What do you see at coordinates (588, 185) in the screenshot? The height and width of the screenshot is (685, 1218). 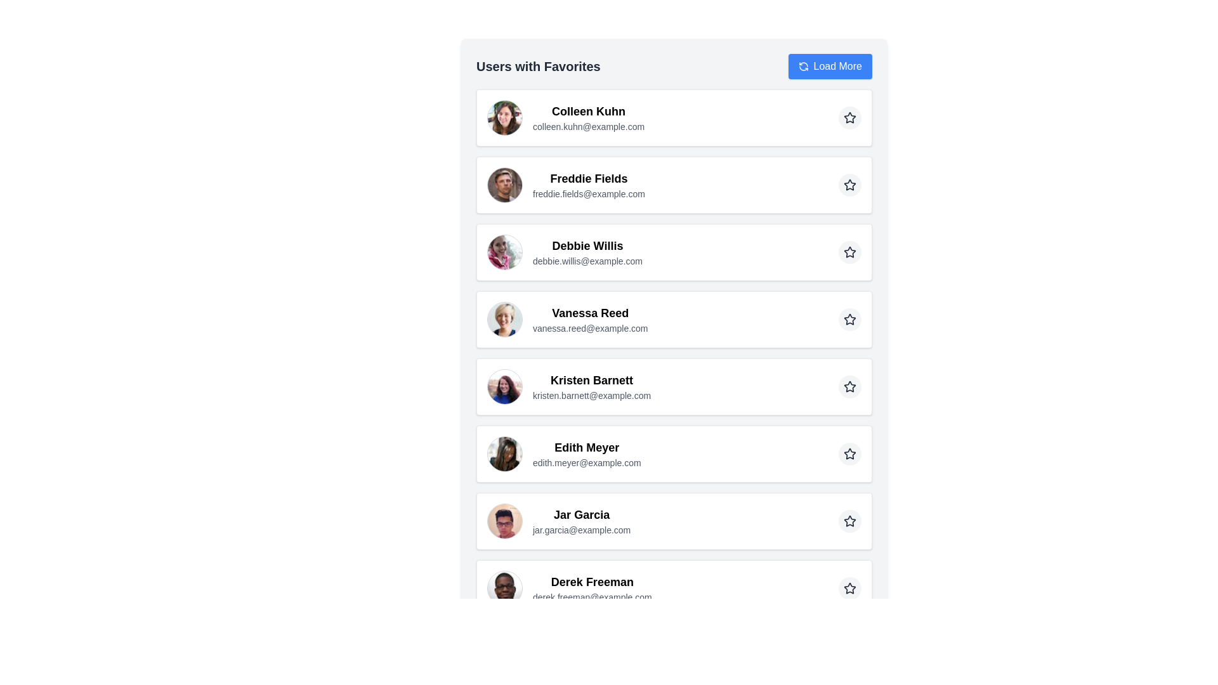 I see `text content displayed for the user Freddie Fields, which includes their name and email address, presented in a styled text format within the 'Users with Favorites' section` at bounding box center [588, 185].